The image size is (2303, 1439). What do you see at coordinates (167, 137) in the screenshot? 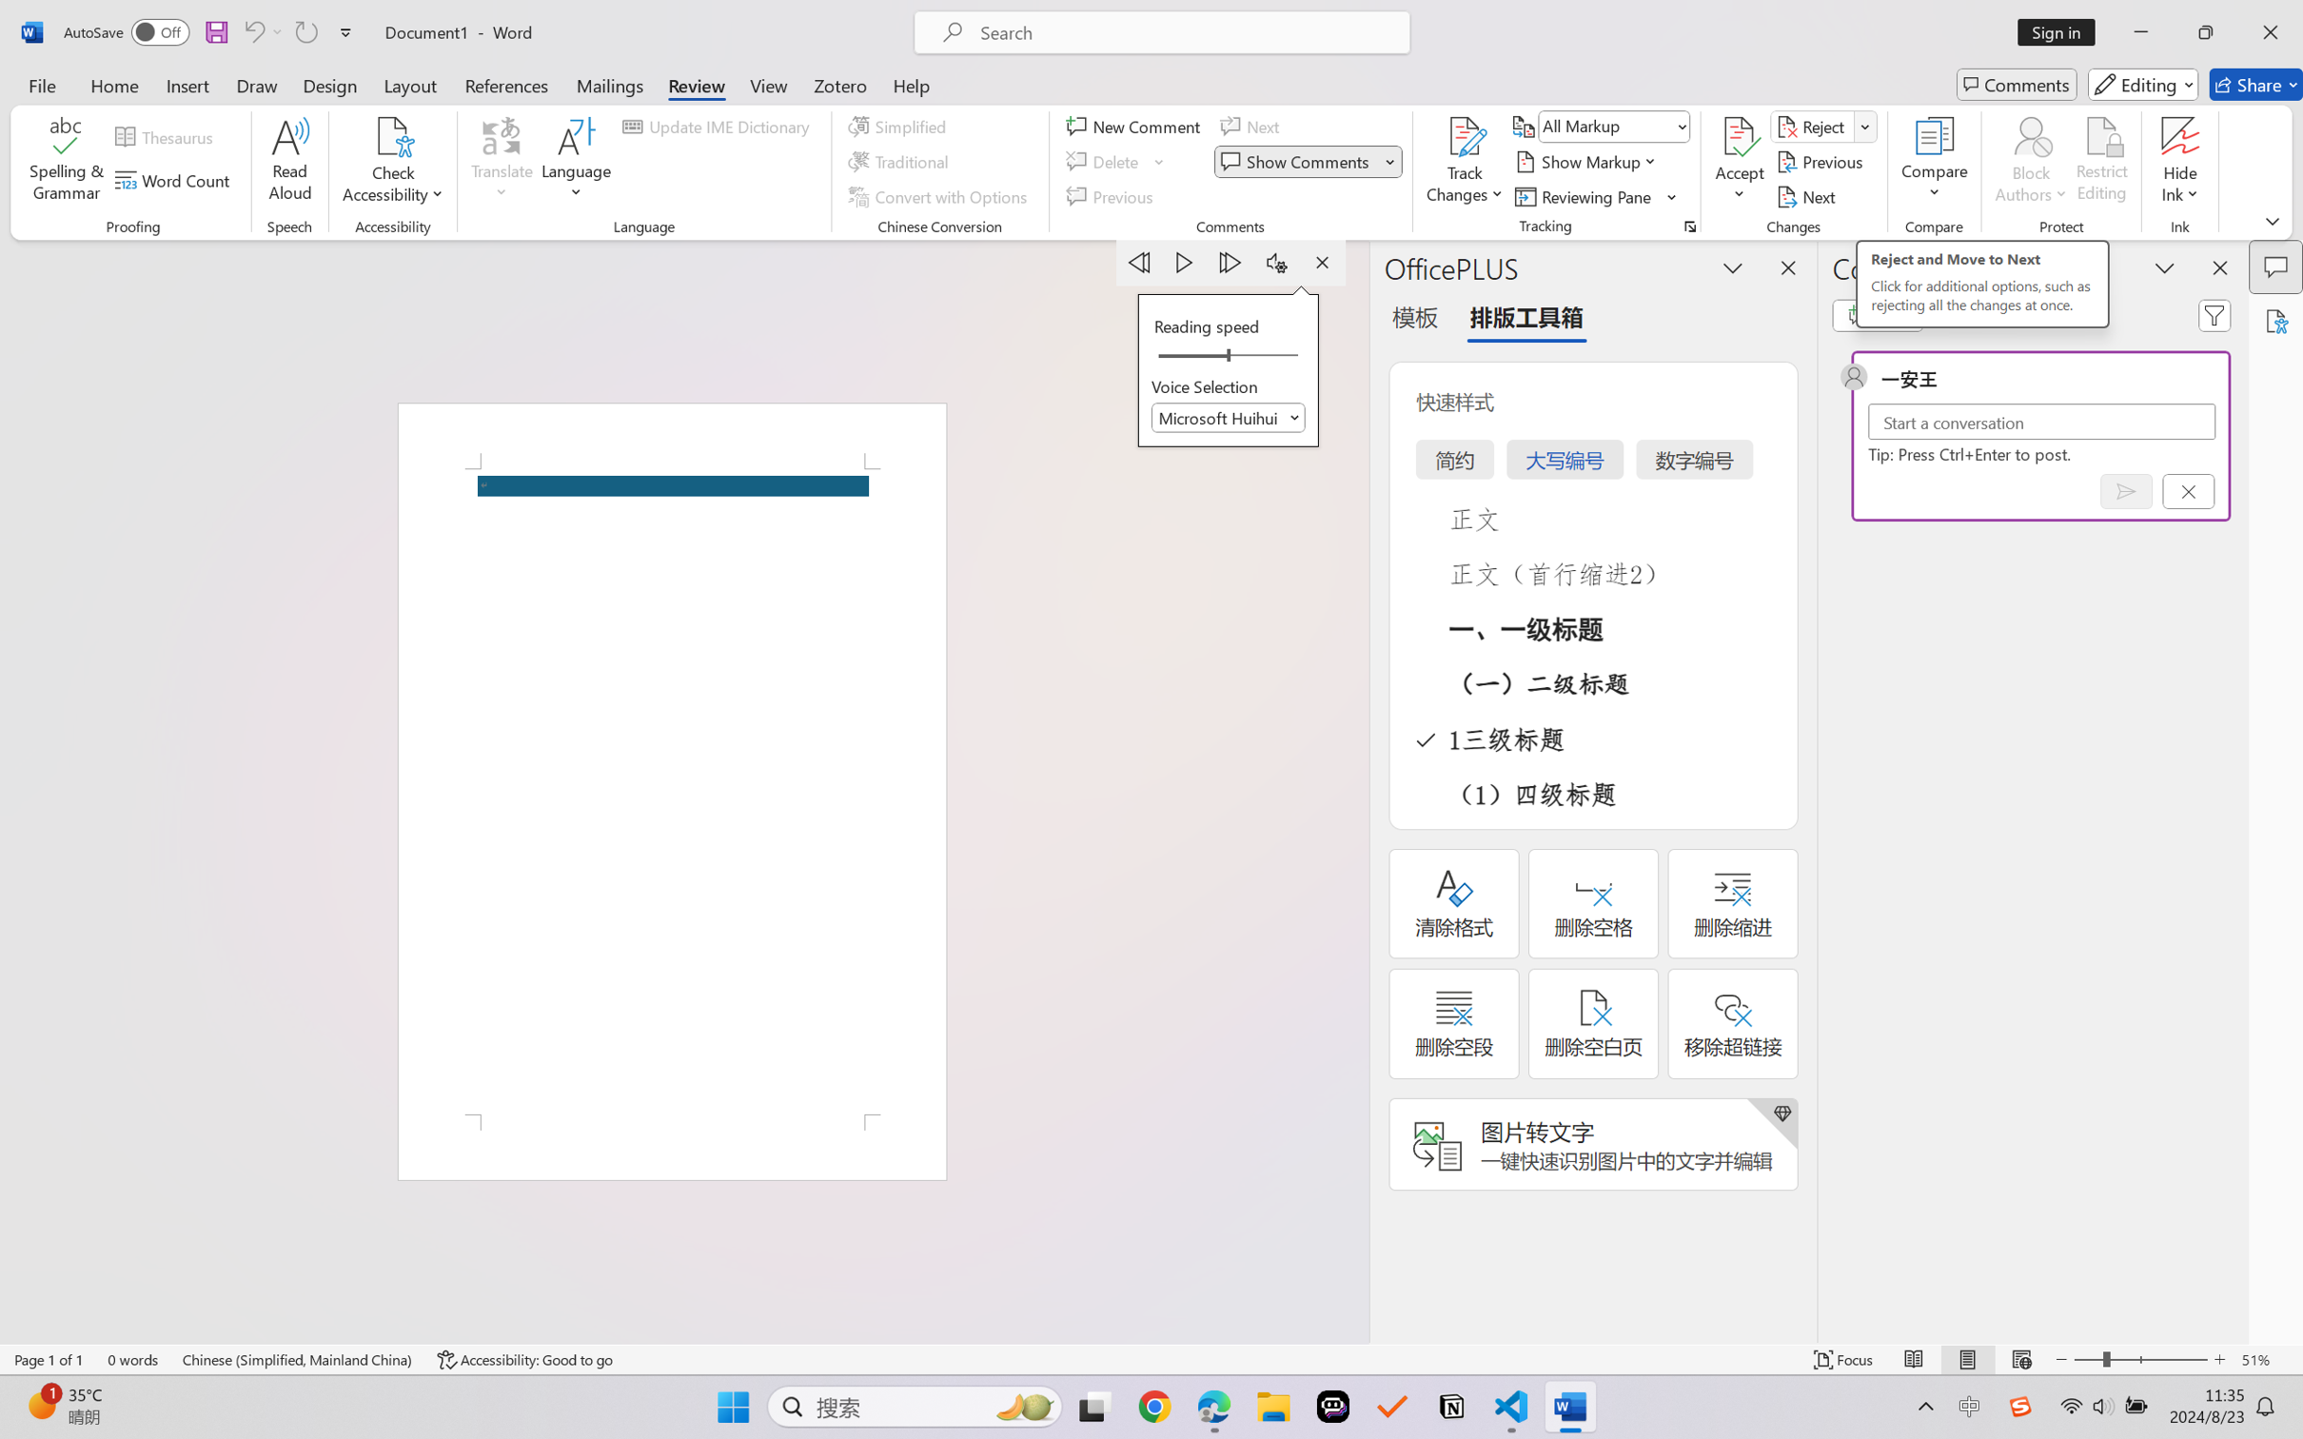
I see `'Thesaurus...'` at bounding box center [167, 137].